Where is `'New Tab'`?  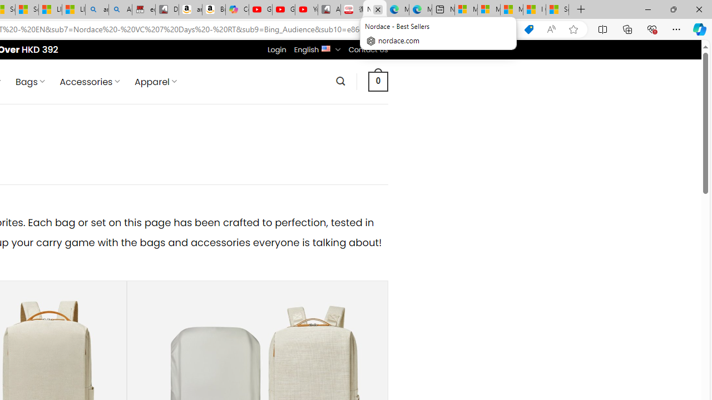
'New Tab' is located at coordinates (580, 9).